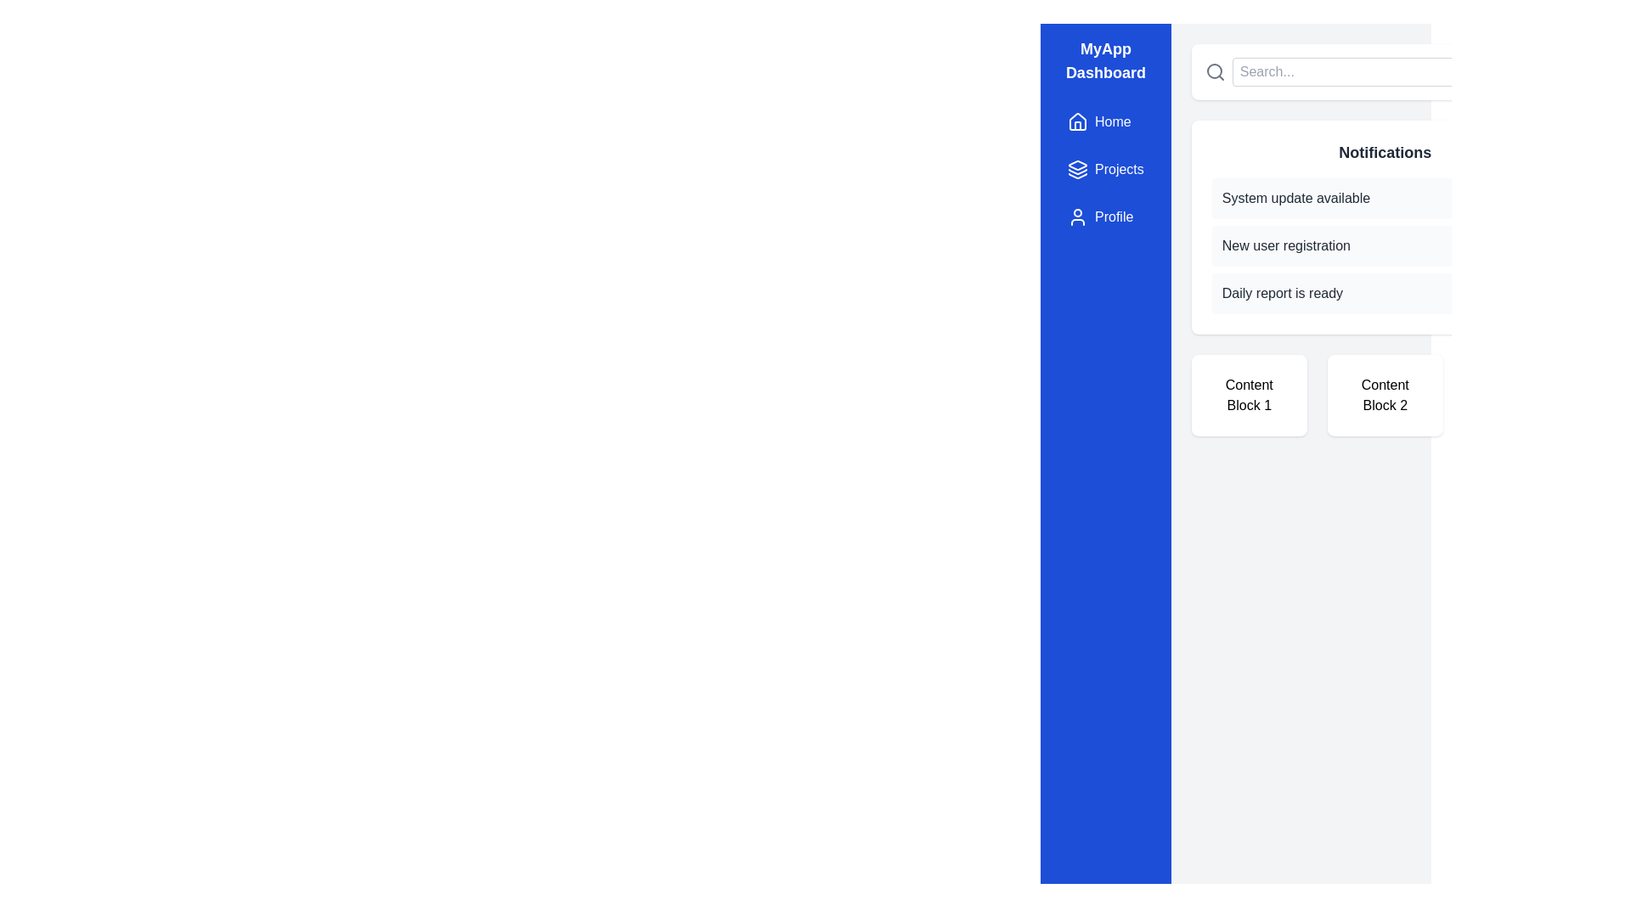 This screenshot has width=1631, height=917. What do you see at coordinates (1295, 198) in the screenshot?
I see `the static text label that notifies users about the availability of a system update, located in the top-left section of the notification block` at bounding box center [1295, 198].